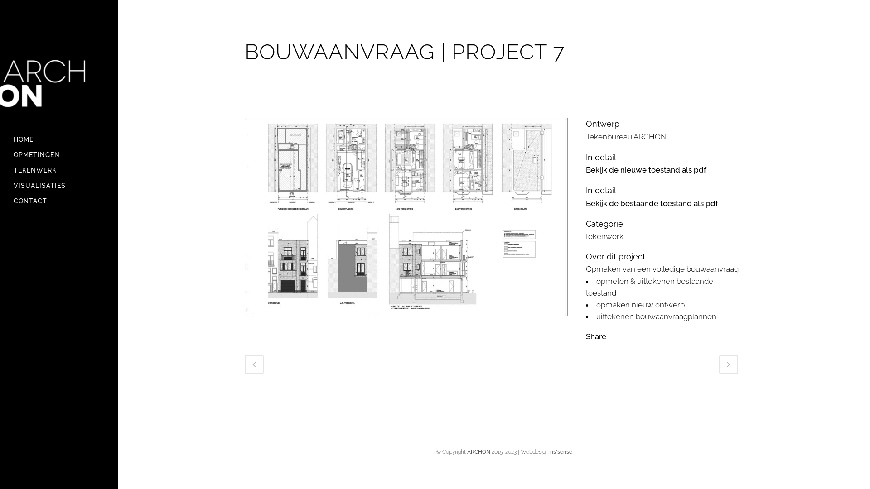  What do you see at coordinates (652, 202) in the screenshot?
I see `'Bekijk de bestaande toestand als pdf'` at bounding box center [652, 202].